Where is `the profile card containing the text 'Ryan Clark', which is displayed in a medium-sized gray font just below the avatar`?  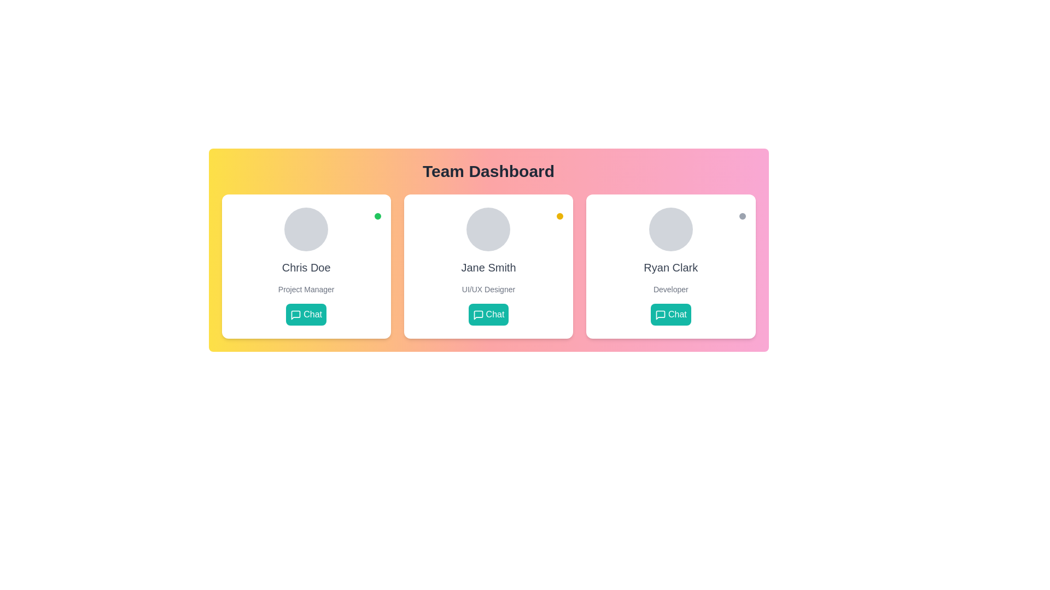 the profile card containing the text 'Ryan Clark', which is displayed in a medium-sized gray font just below the avatar is located at coordinates (670, 267).